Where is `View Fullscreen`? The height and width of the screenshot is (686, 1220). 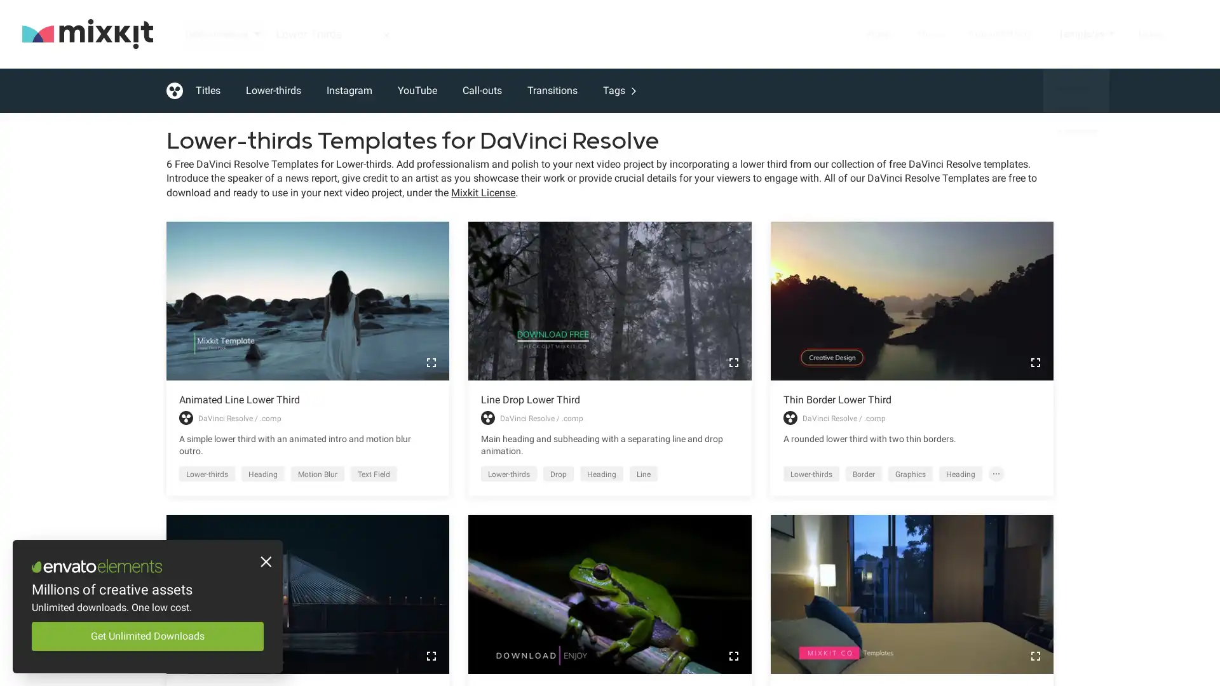 View Fullscreen is located at coordinates (1034, 656).